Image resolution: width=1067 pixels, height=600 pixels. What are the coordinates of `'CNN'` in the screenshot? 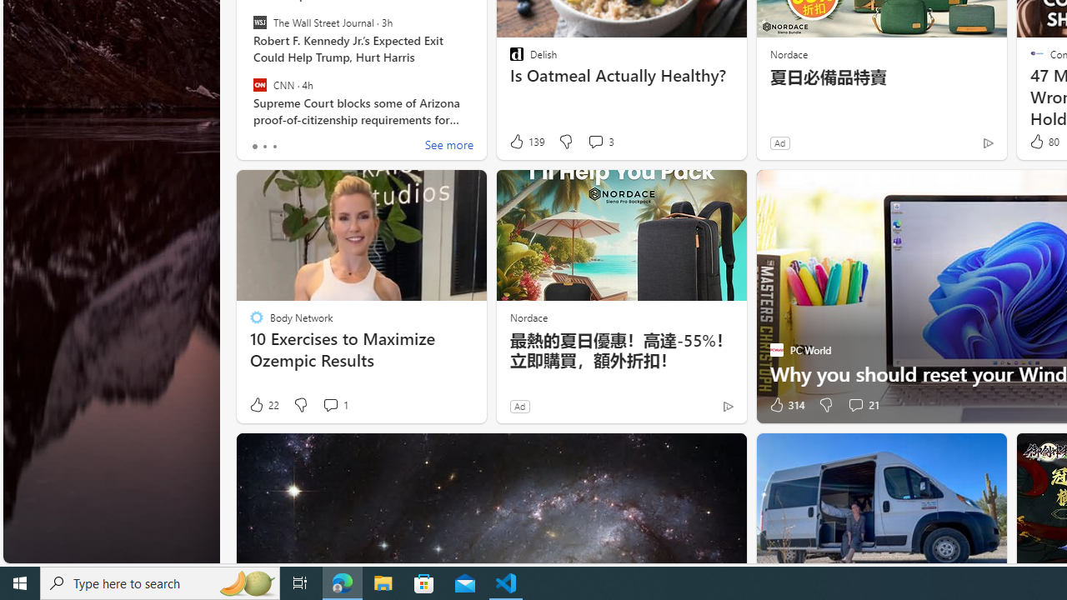 It's located at (258, 84).